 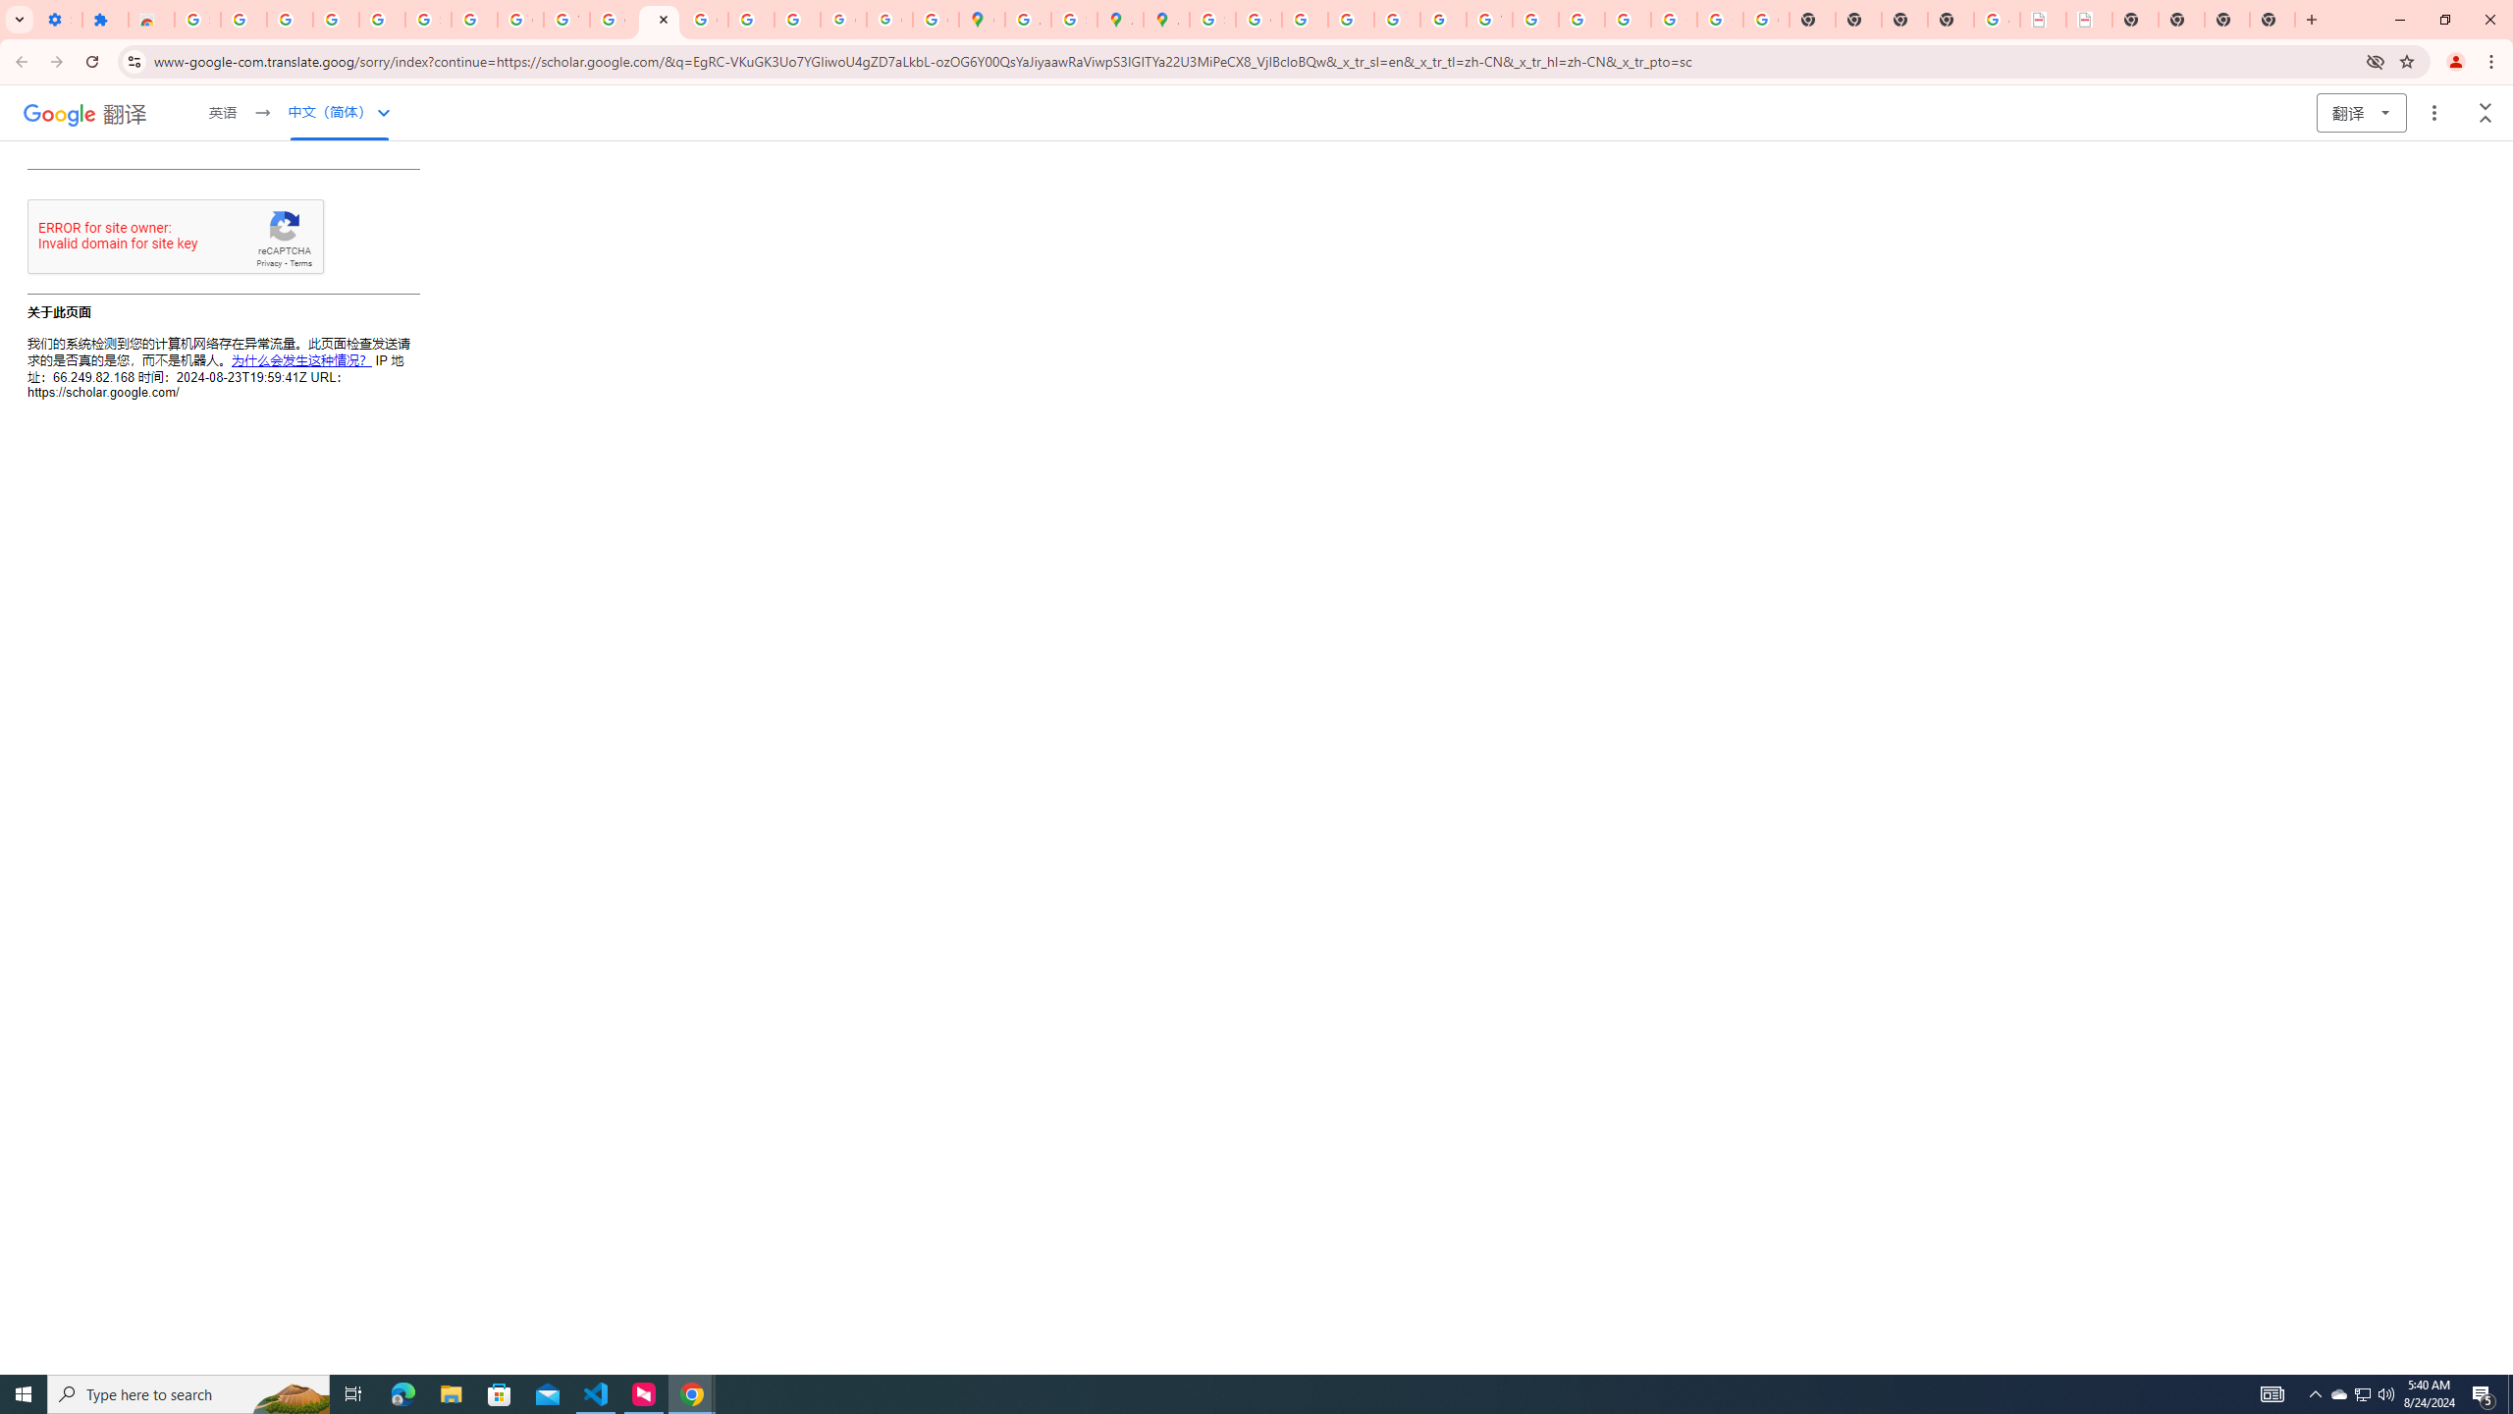 I want to click on 'Google Images', so click(x=1765, y=19).